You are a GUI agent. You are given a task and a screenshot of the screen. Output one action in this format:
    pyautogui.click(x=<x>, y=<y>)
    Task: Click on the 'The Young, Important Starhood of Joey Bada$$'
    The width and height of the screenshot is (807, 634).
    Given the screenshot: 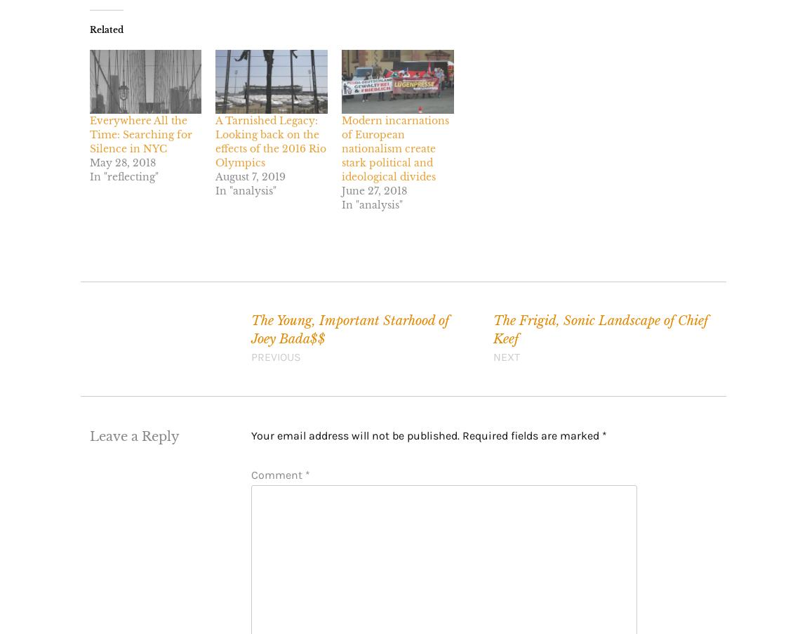 What is the action you would take?
    pyautogui.click(x=250, y=329)
    